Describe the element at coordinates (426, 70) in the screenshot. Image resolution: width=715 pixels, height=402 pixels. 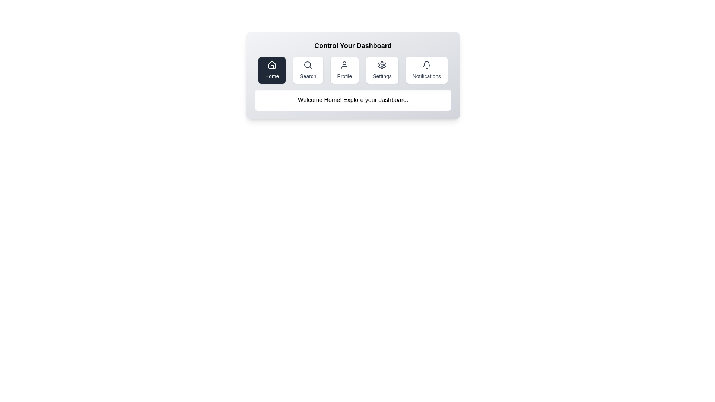
I see `the notifications button located in the top center navigation menu, which is the fifth button and positioned between the 'Settings' button and empty space` at that location.